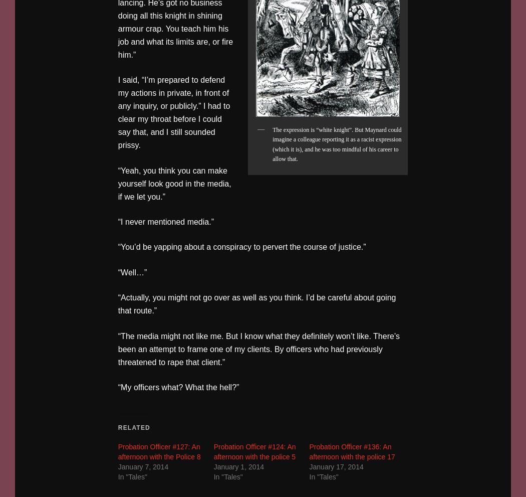 The width and height of the screenshot is (526, 497). What do you see at coordinates (256, 304) in the screenshot?
I see `'“Actually, you might not go over as well as you think. I’d be careful about going that route.”'` at bounding box center [256, 304].